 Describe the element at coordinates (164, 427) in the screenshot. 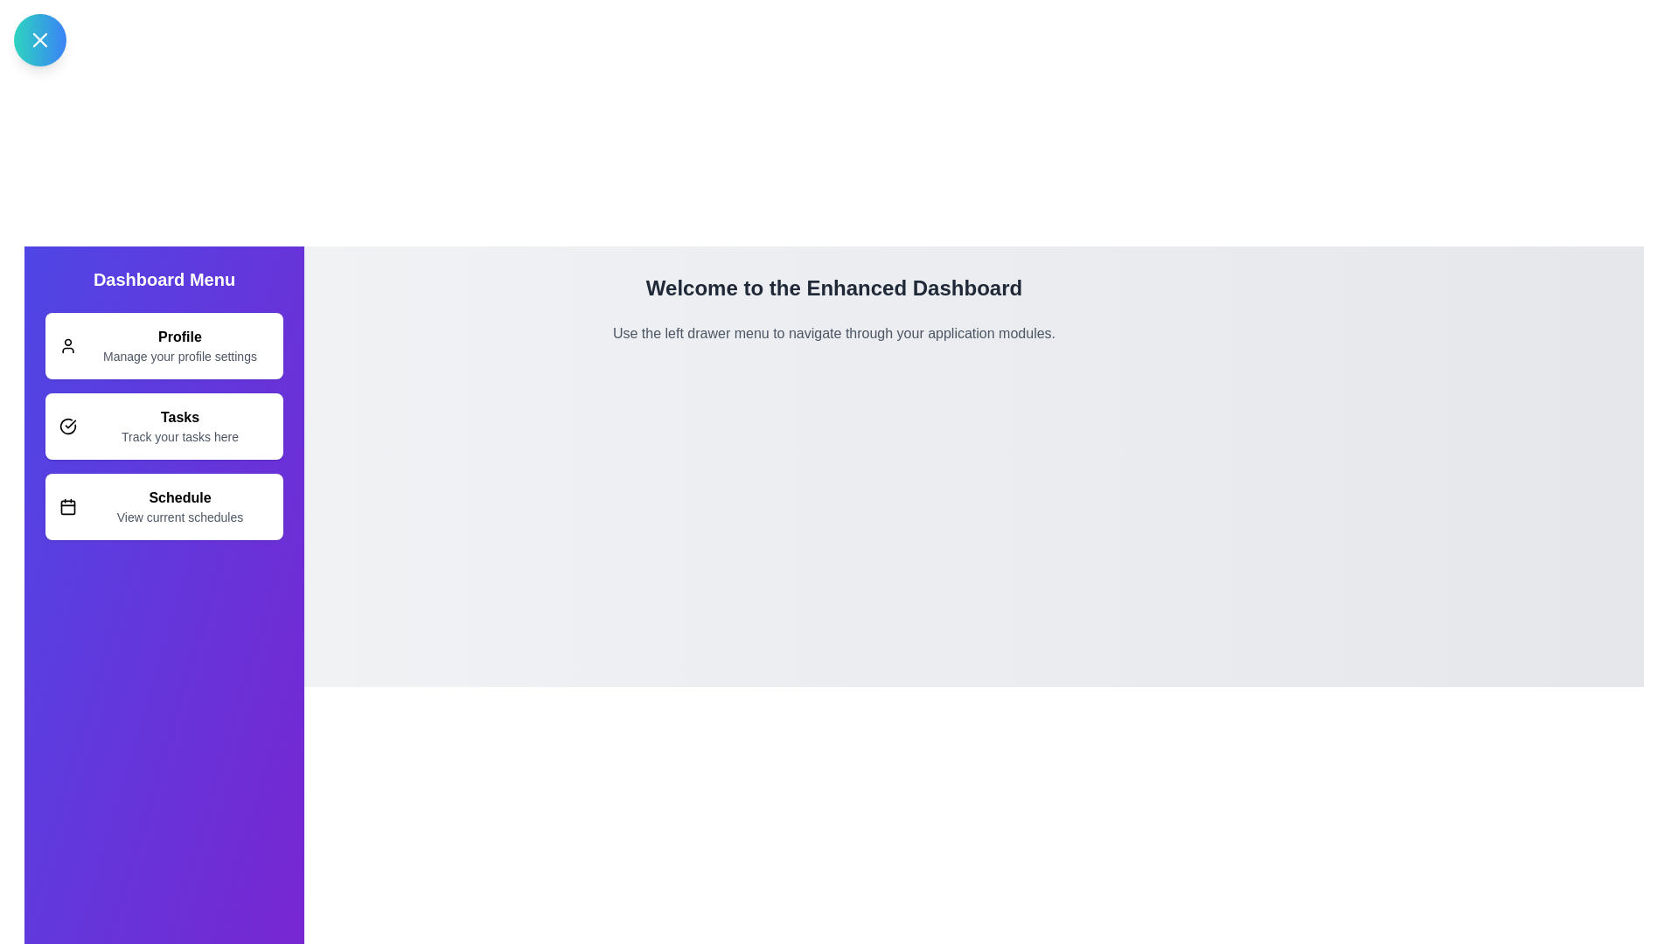

I see `the Tasks list item in the drawer to navigate or trigger its functionality` at that location.